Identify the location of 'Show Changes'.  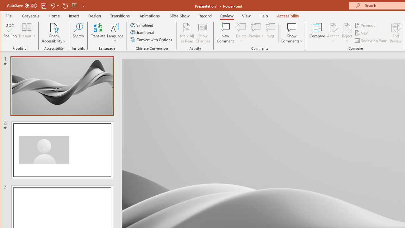
(203, 33).